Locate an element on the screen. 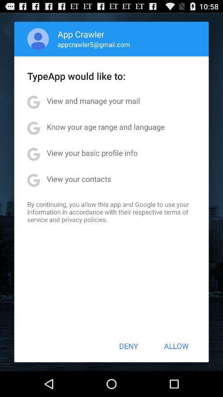 This screenshot has height=397, width=223. the app above typeapp would like is located at coordinates (93, 44).